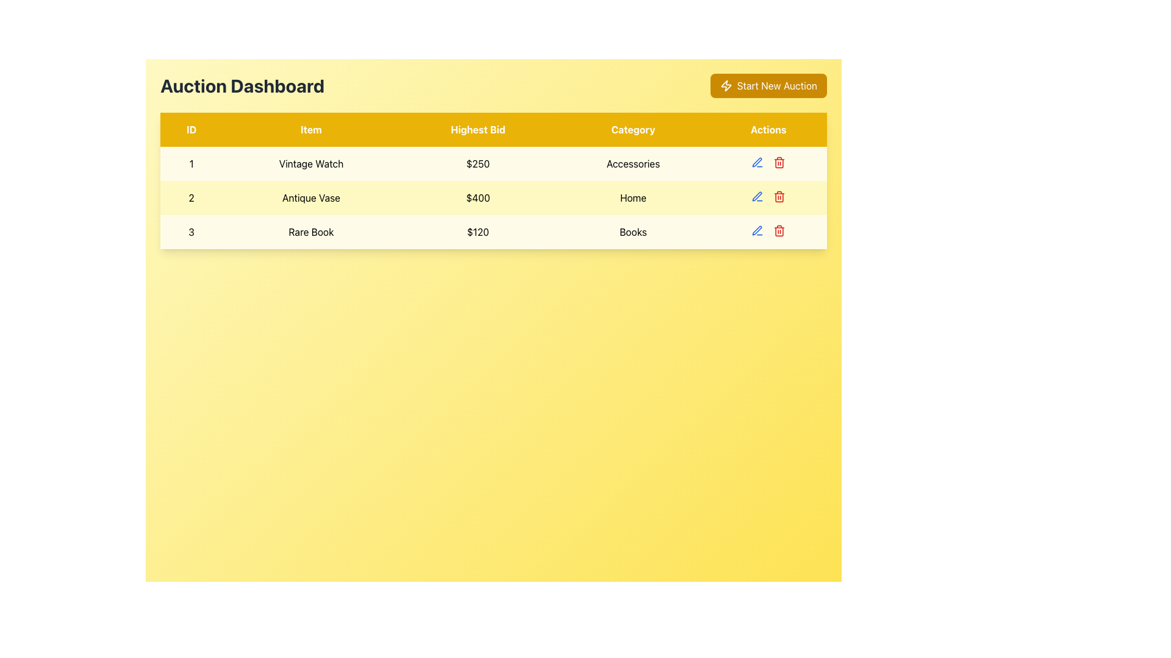  What do you see at coordinates (726, 85) in the screenshot?
I see `the icon associated with the 'Start New Auction' button, which is located in the top-right corner of the interface` at bounding box center [726, 85].